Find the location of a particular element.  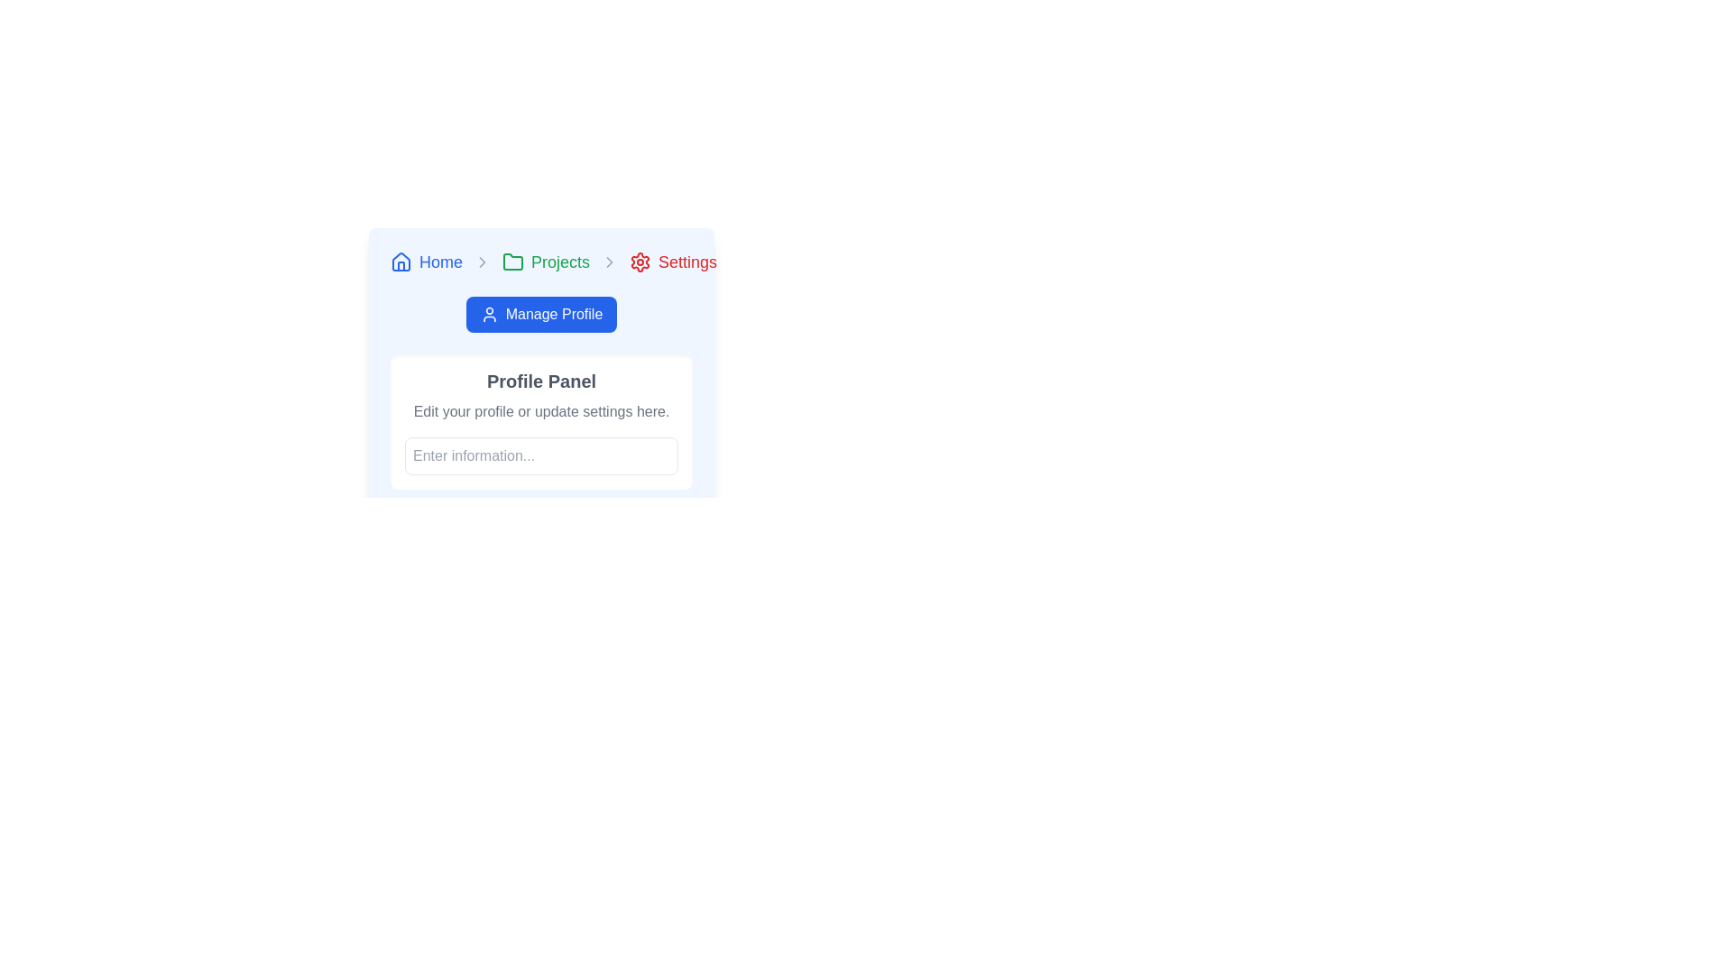

the visual representation of the chevron icon in the breadcrumb navigation located between the 'Projects' and 'Settings' links is located at coordinates (483, 262).